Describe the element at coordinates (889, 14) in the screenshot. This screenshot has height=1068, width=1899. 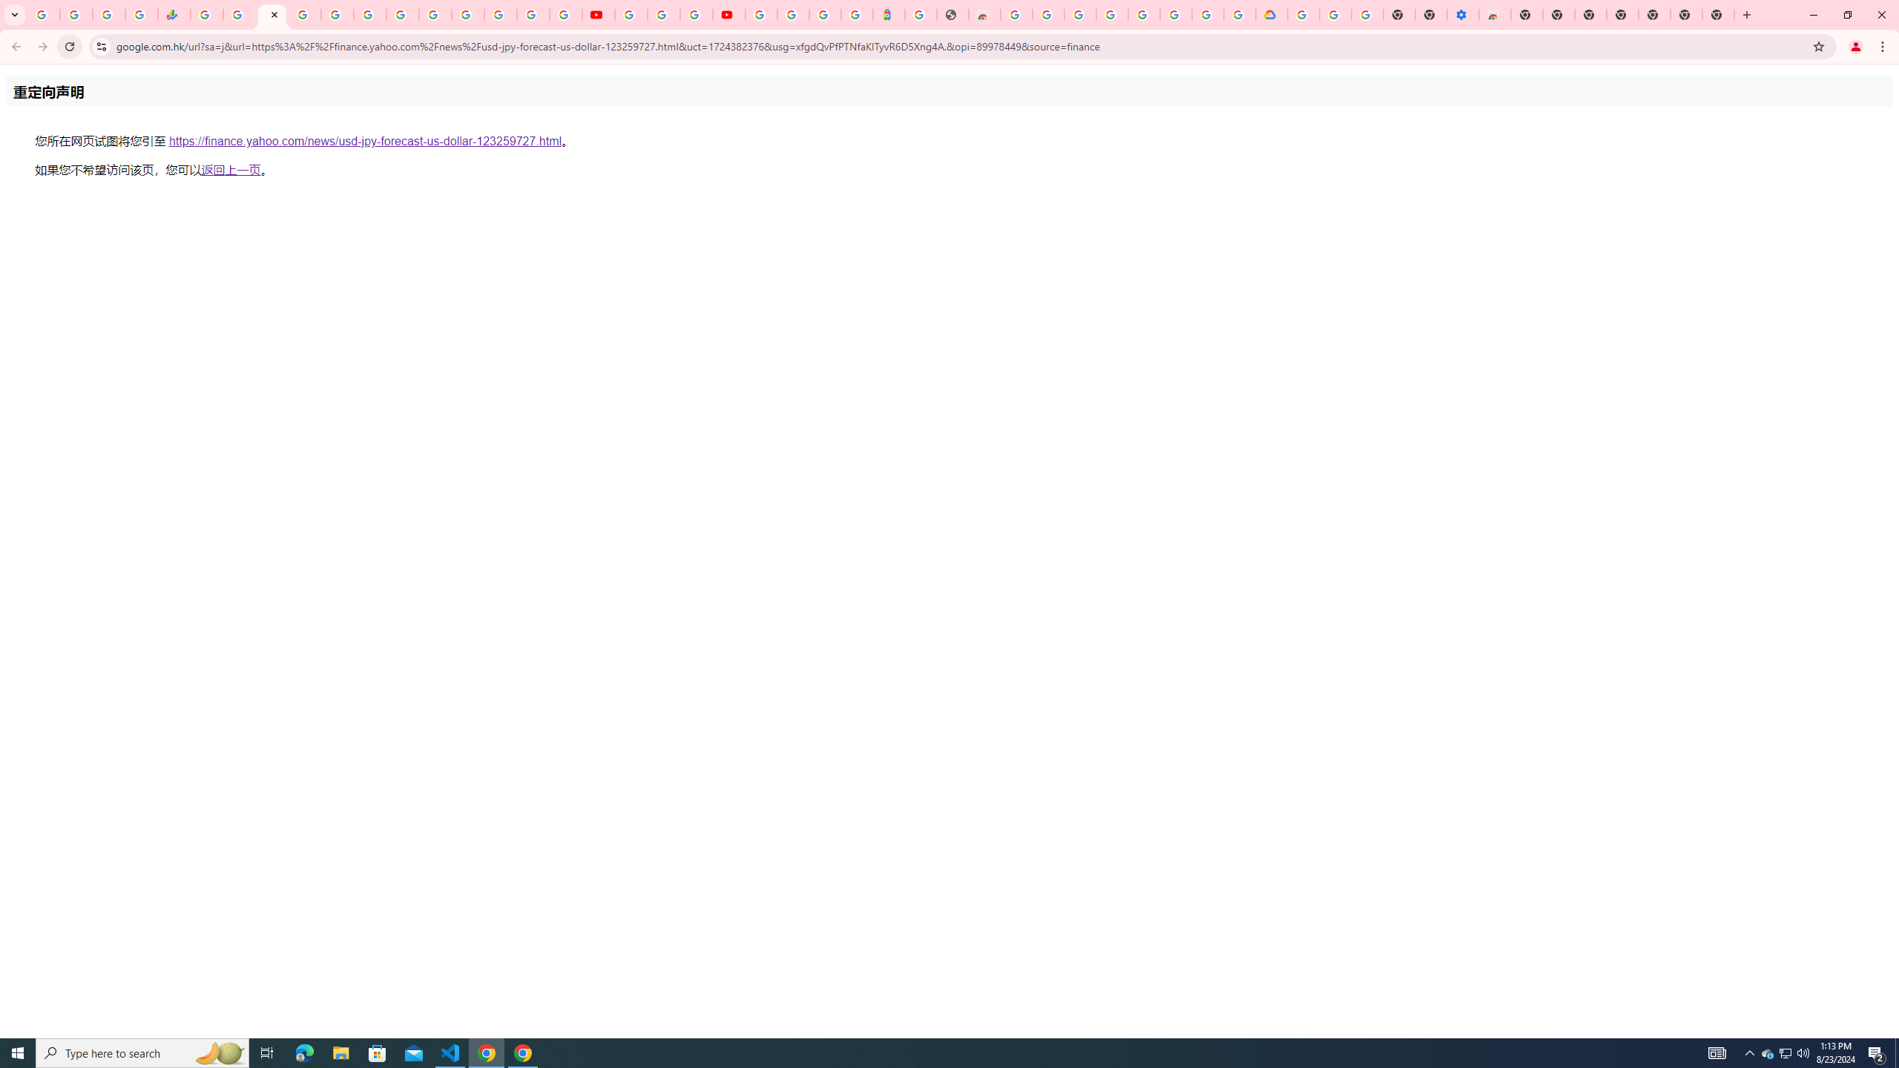
I see `'Atour Hotel - Google hotels'` at that location.